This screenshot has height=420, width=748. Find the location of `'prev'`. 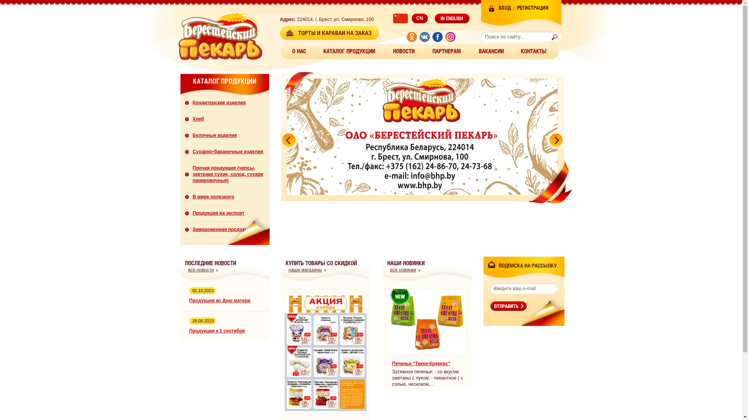

'prev' is located at coordinates (289, 139).